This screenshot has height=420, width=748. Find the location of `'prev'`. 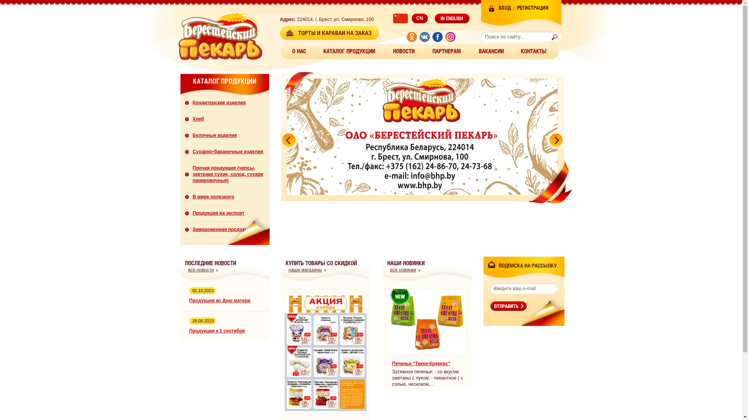

'prev' is located at coordinates (289, 139).